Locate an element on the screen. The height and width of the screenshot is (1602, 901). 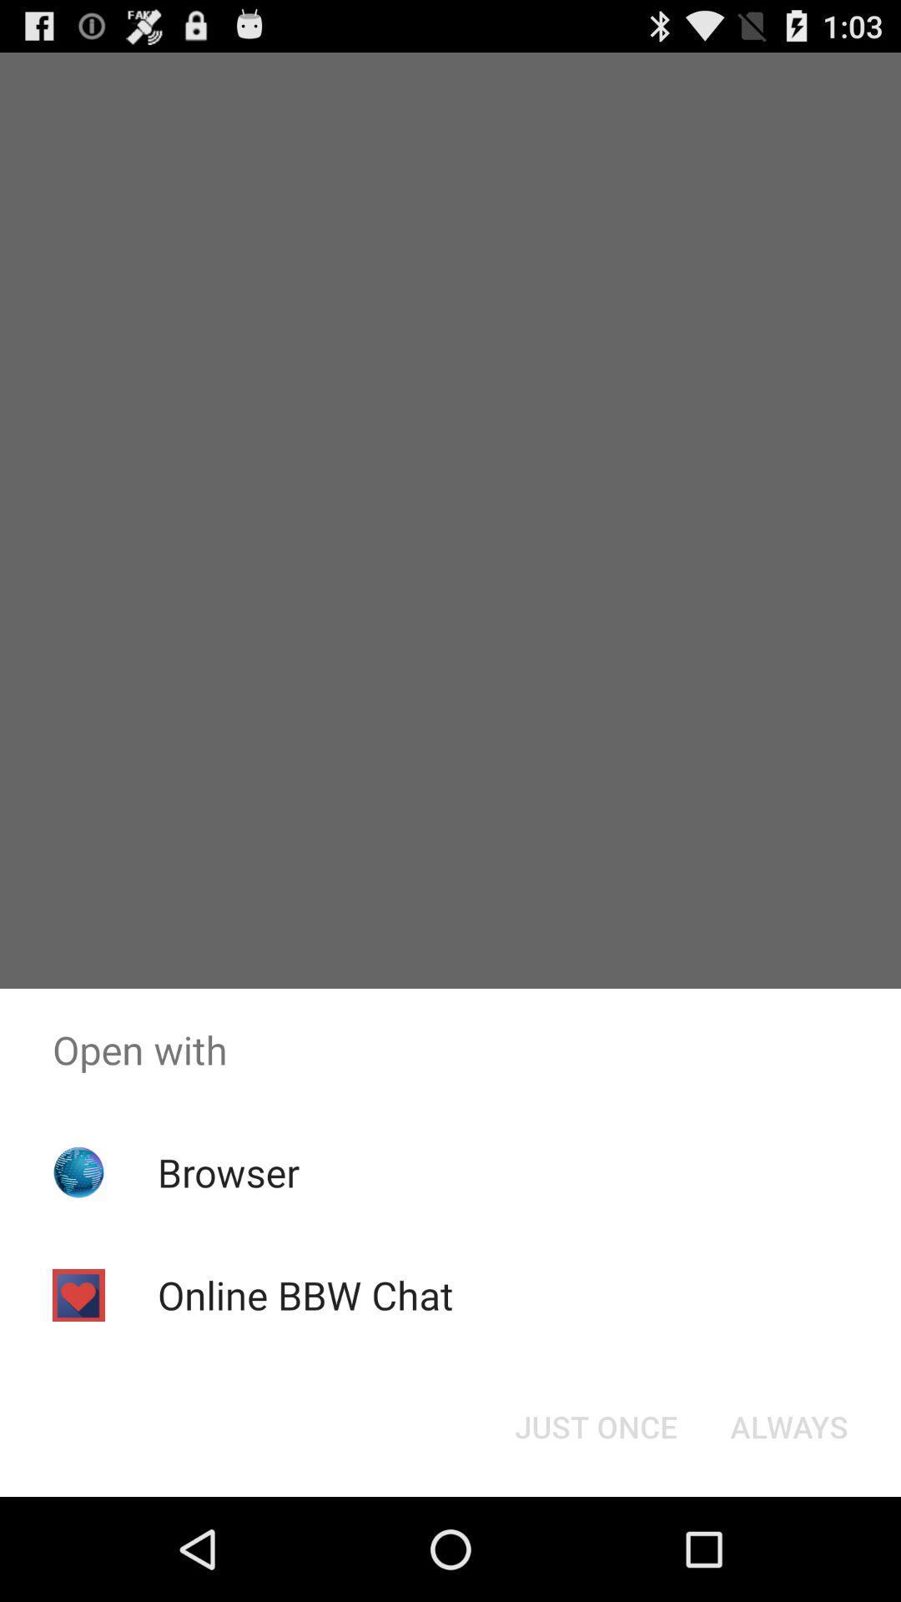
the item to the right of the just once is located at coordinates (788, 1425).